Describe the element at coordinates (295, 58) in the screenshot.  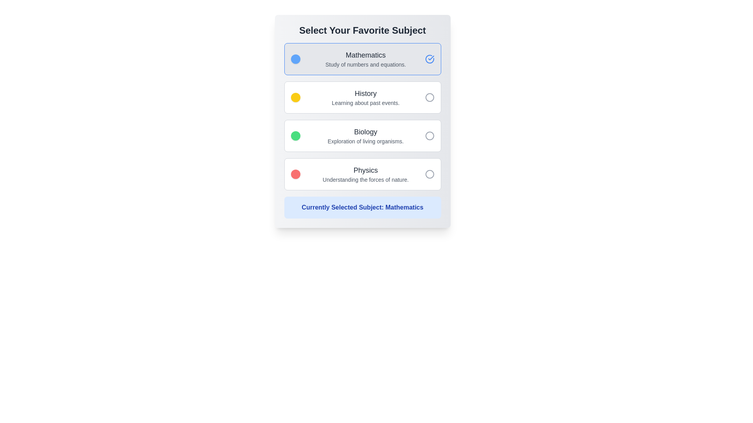
I see `the decorative icon for the 'Mathematics' option, which serves as a marker in the selection list under 'Select Your Favorite Subject'` at that location.